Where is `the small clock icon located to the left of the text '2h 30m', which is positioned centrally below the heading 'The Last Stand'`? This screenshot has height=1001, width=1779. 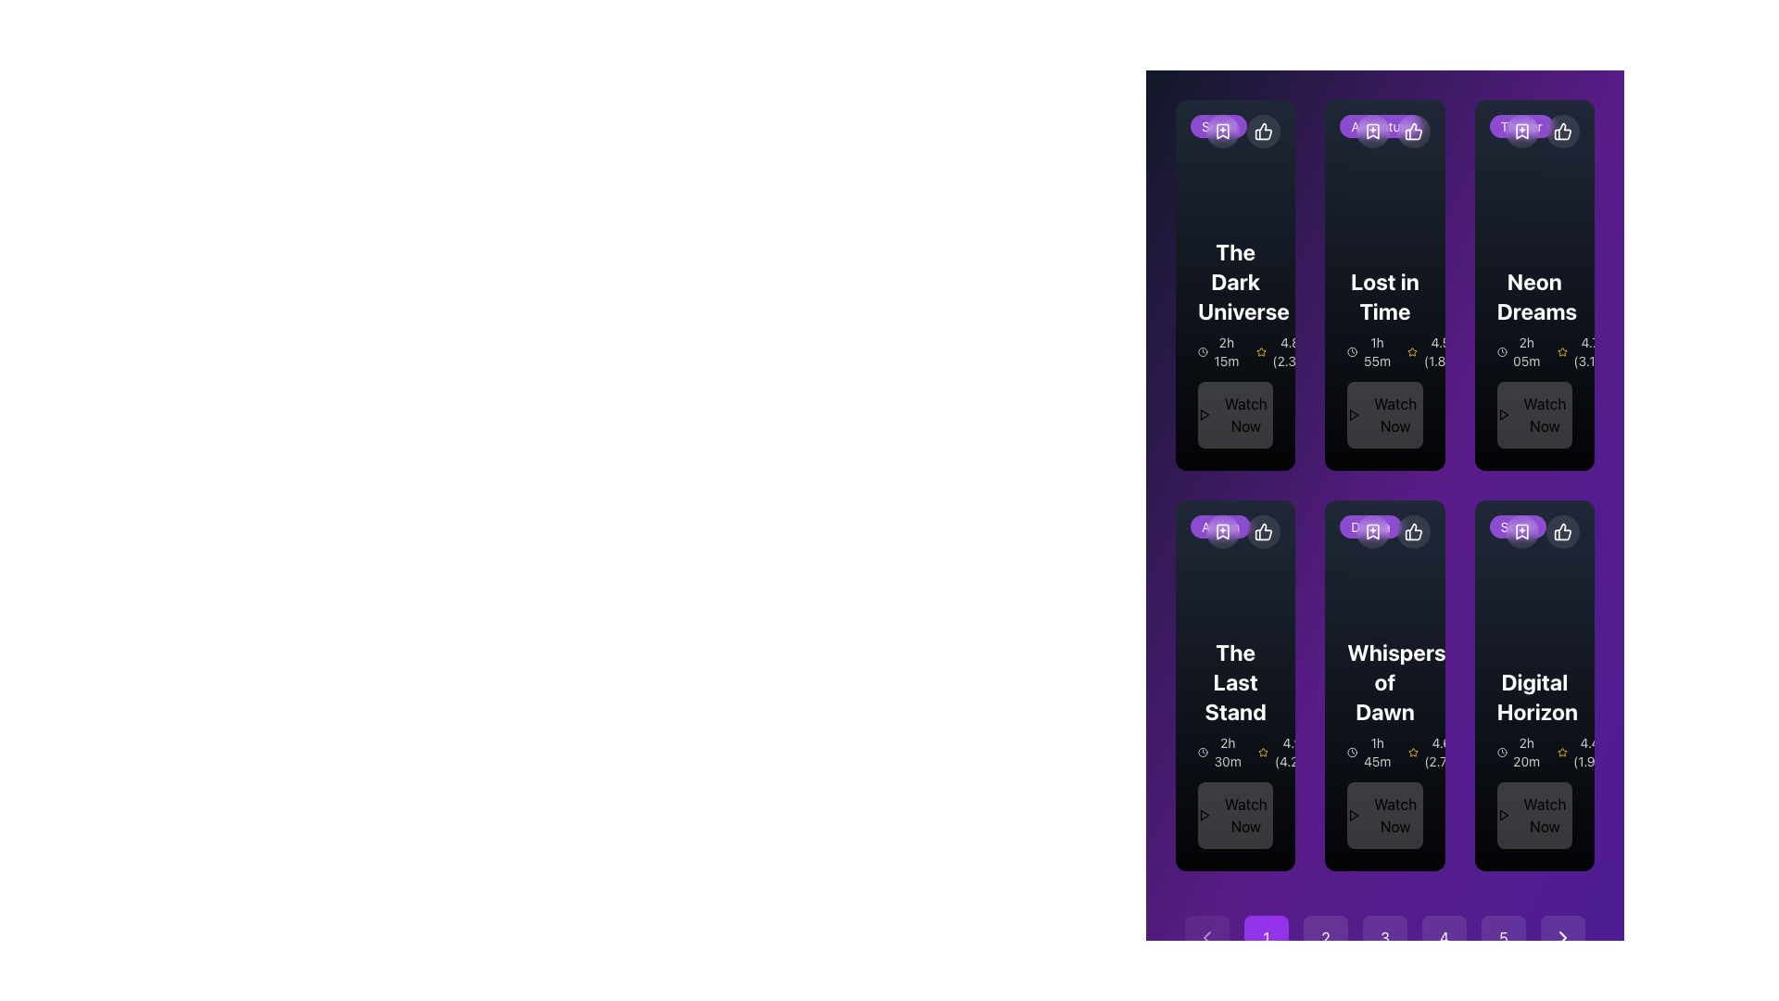 the small clock icon located to the left of the text '2h 30m', which is positioned centrally below the heading 'The Last Stand' is located at coordinates (1203, 753).